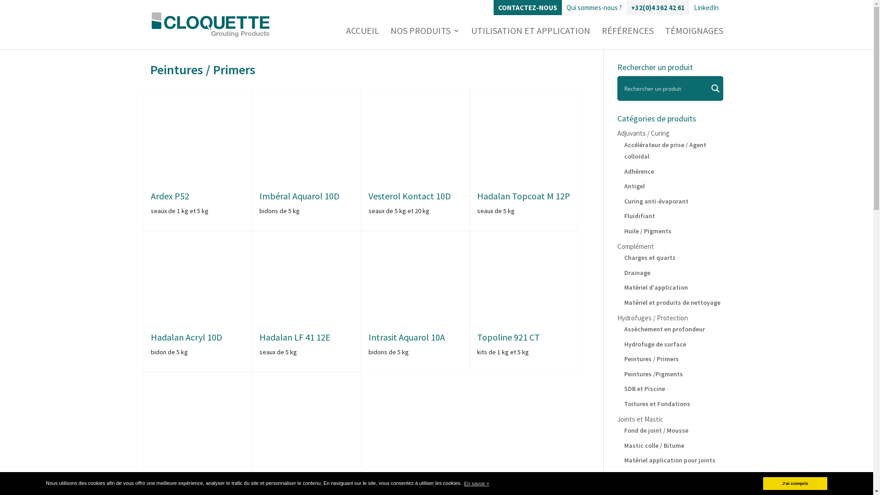 The height and width of the screenshot is (495, 880). I want to click on 'Hydrofuge de surface', so click(624, 344).